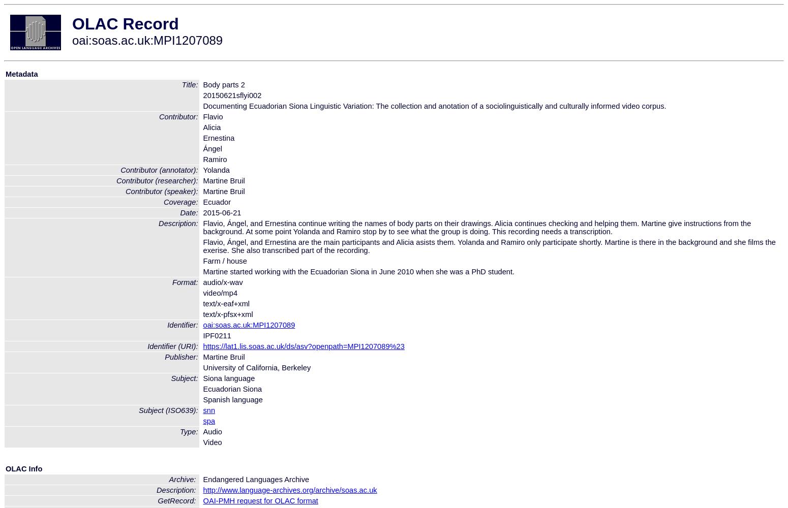  What do you see at coordinates (164, 357) in the screenshot?
I see `'Publisher:'` at bounding box center [164, 357].